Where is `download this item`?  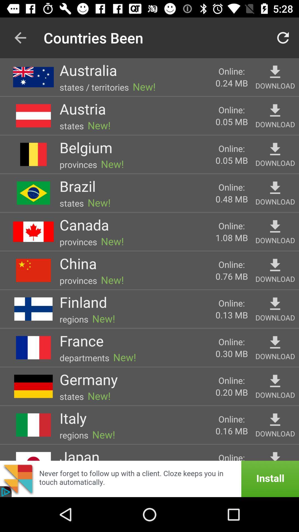 download this item is located at coordinates (275, 265).